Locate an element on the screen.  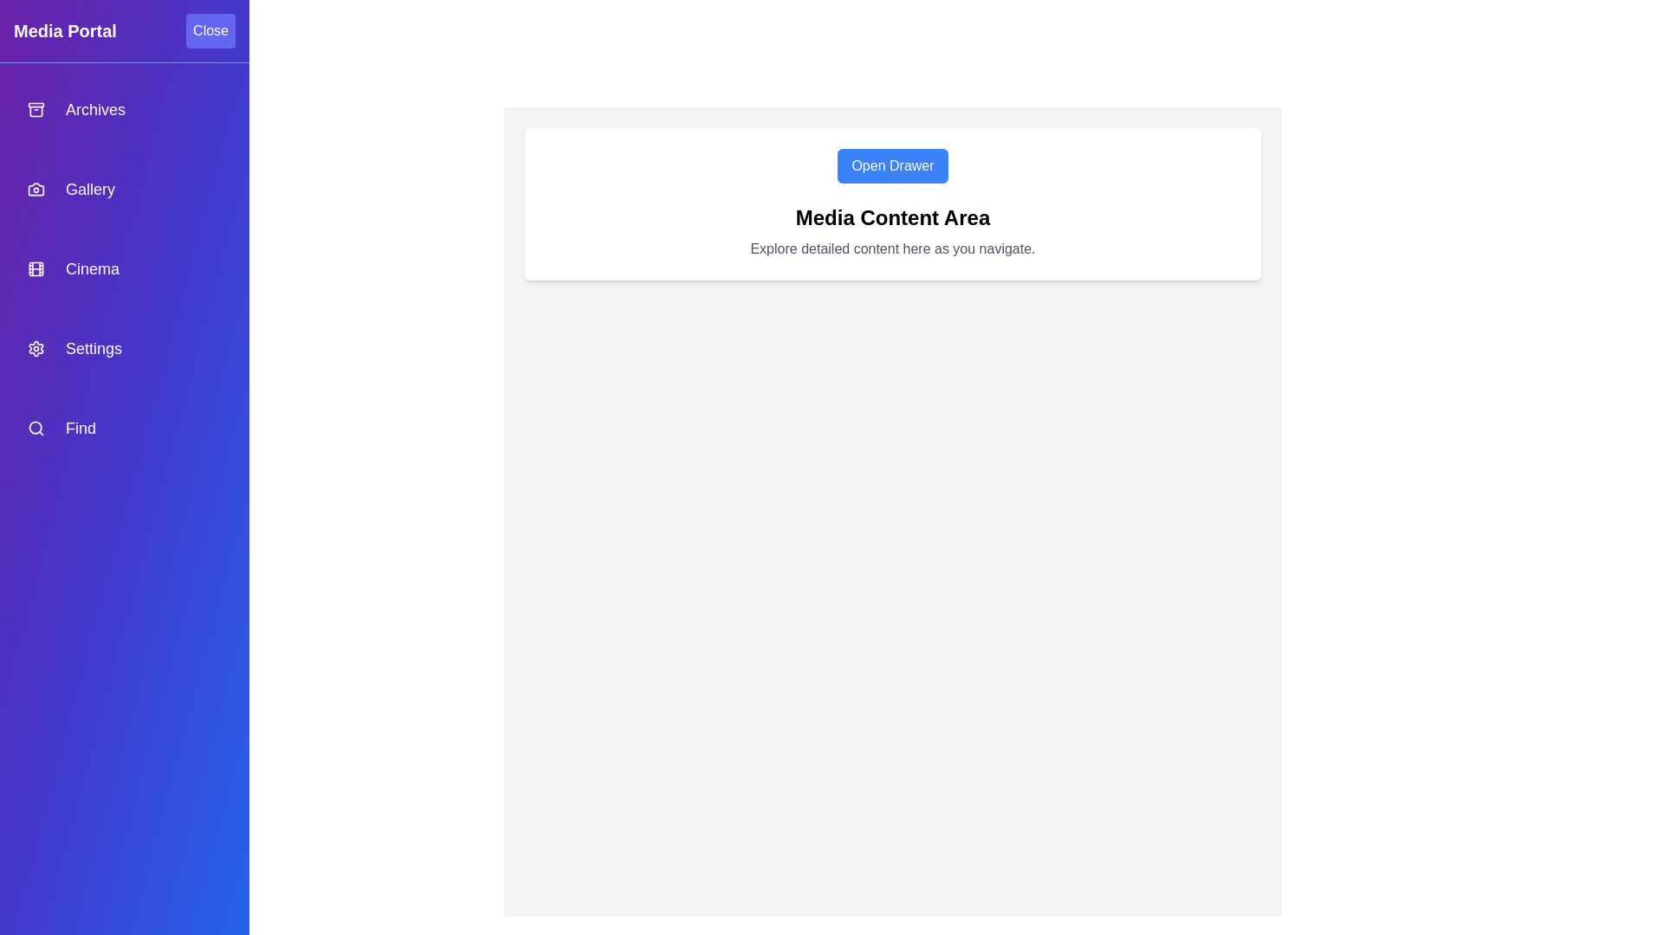
the navigation item labeled Gallery is located at coordinates (124, 190).